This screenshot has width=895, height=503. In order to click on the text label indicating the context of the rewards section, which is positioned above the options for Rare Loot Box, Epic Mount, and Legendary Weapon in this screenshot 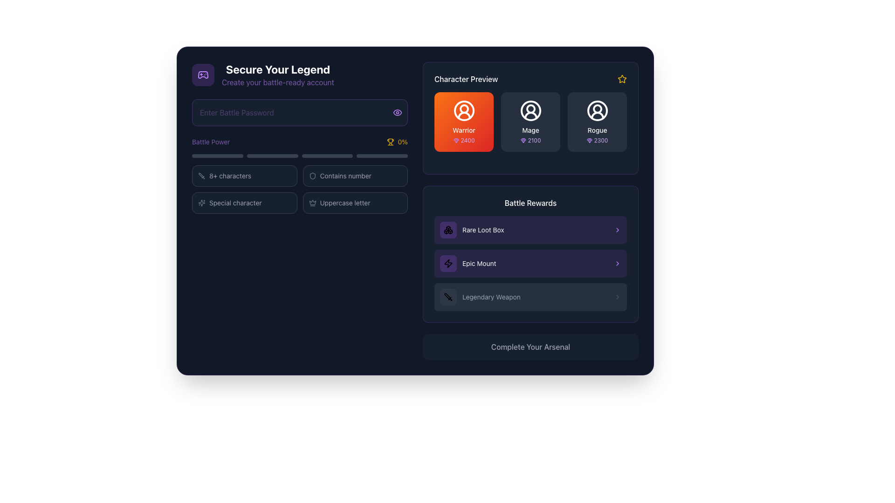, I will do `click(530, 202)`.